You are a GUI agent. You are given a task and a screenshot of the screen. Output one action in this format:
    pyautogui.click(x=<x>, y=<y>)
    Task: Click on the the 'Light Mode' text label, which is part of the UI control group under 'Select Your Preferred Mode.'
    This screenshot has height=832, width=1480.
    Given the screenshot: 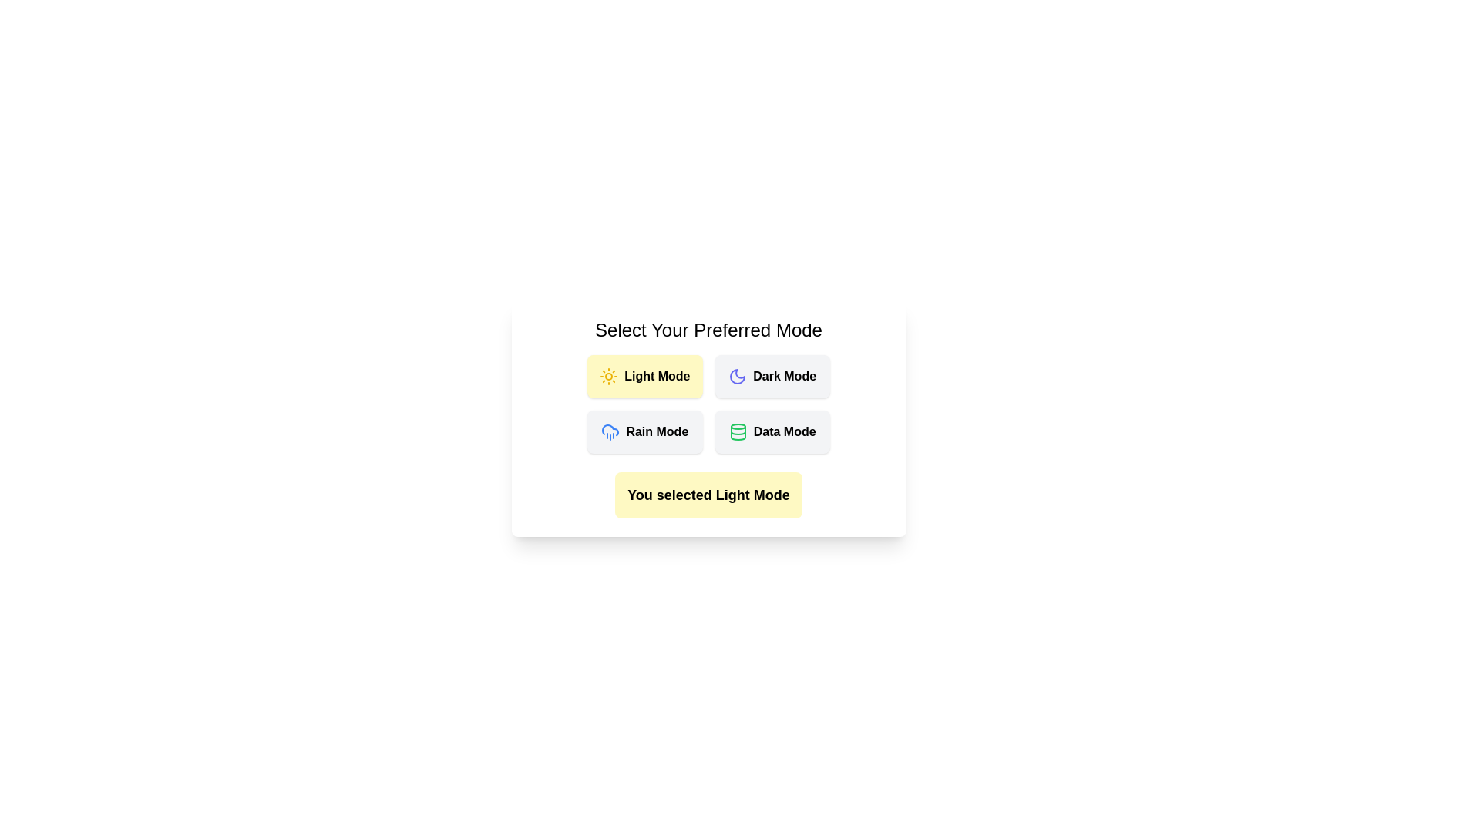 What is the action you would take?
    pyautogui.click(x=657, y=377)
    